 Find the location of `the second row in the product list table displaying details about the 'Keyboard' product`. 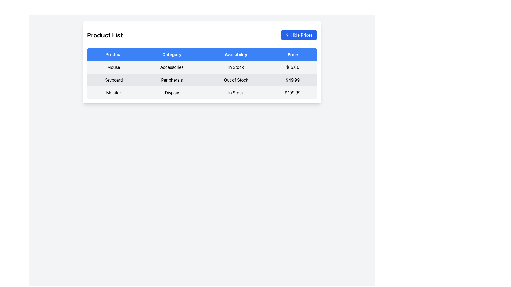

the second row in the product list table displaying details about the 'Keyboard' product is located at coordinates (201, 80).